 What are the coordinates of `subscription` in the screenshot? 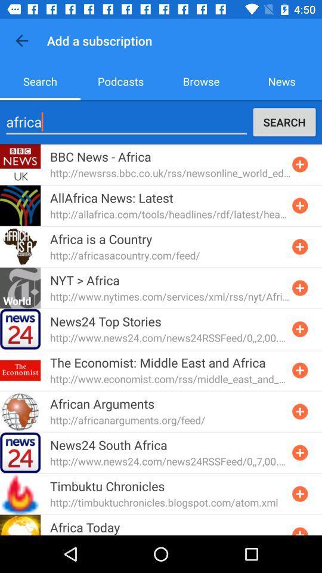 It's located at (299, 287).